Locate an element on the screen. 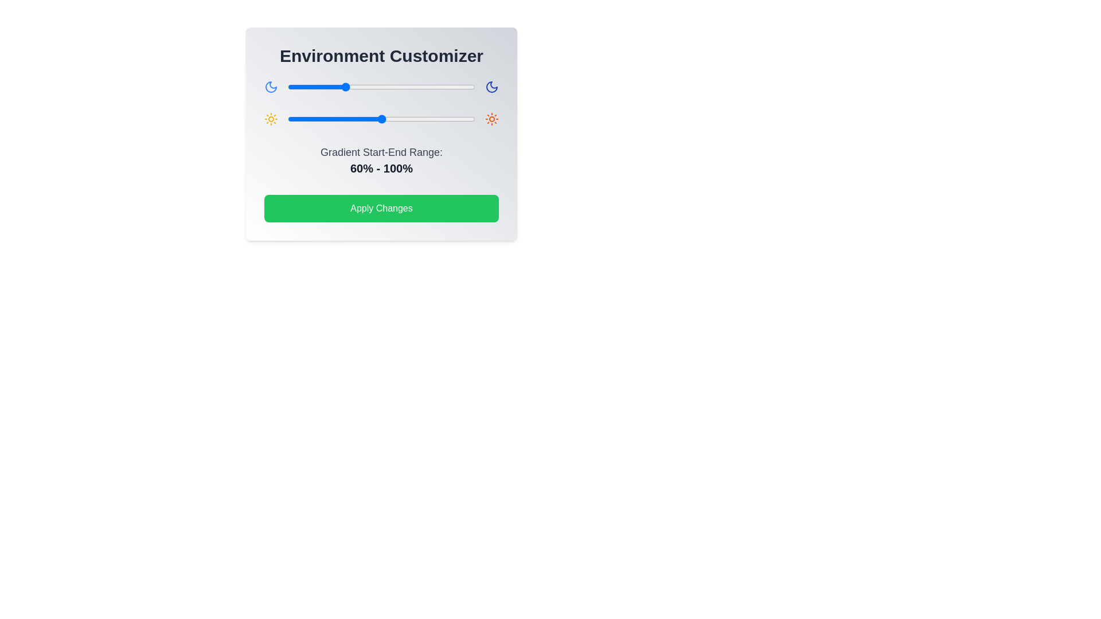 This screenshot has width=1101, height=619. the gradient slider 0 to 149 is located at coordinates (427, 86).